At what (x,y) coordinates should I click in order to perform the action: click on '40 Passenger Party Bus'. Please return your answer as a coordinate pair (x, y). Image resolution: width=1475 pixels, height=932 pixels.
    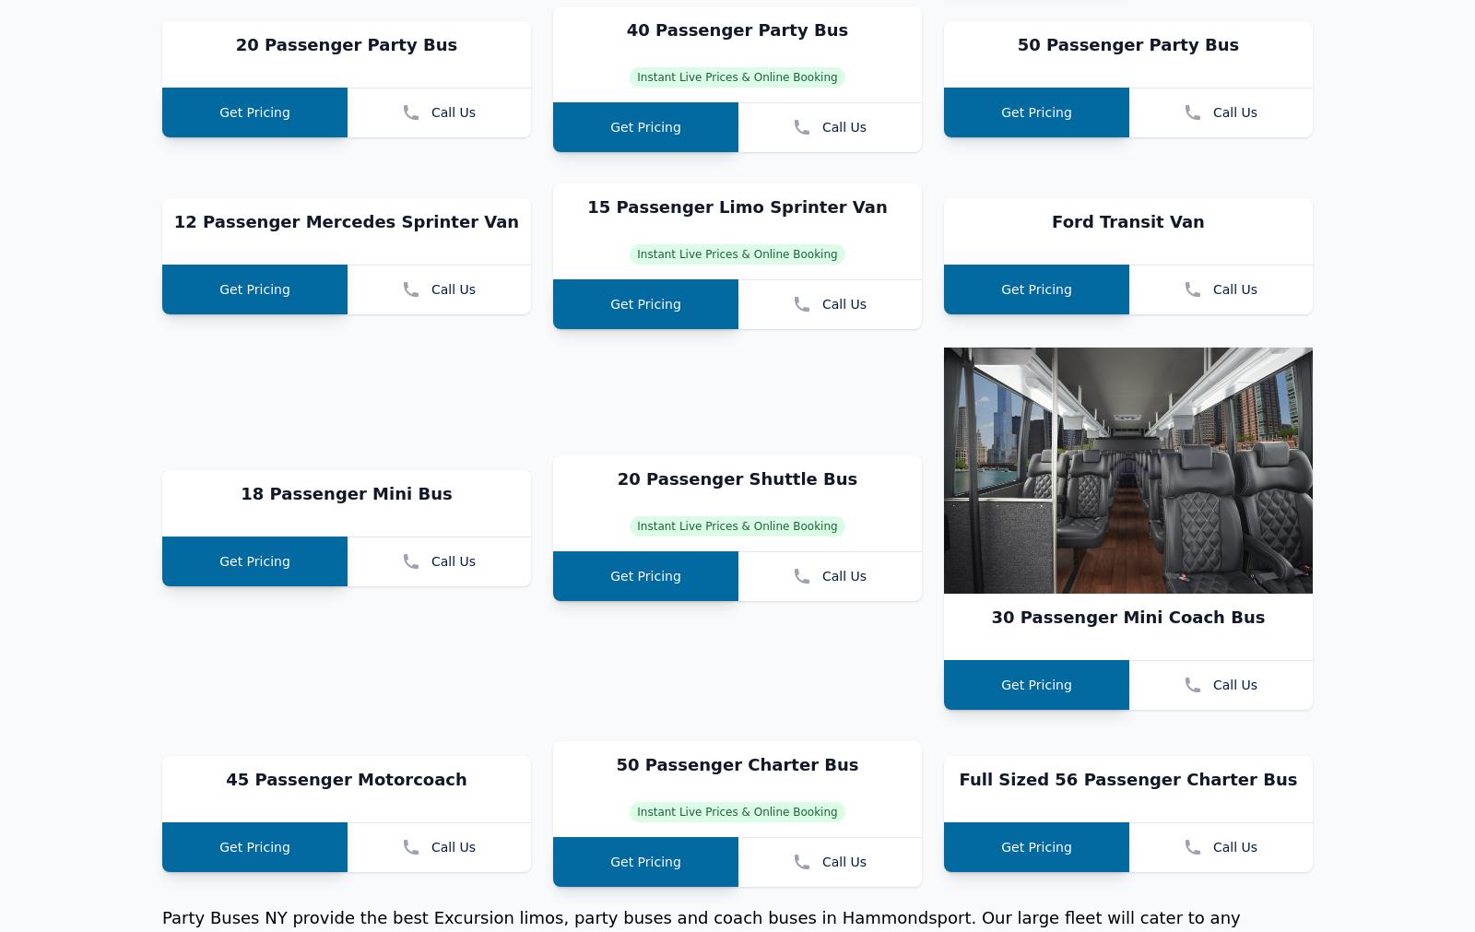
    Looking at the image, I should click on (737, 276).